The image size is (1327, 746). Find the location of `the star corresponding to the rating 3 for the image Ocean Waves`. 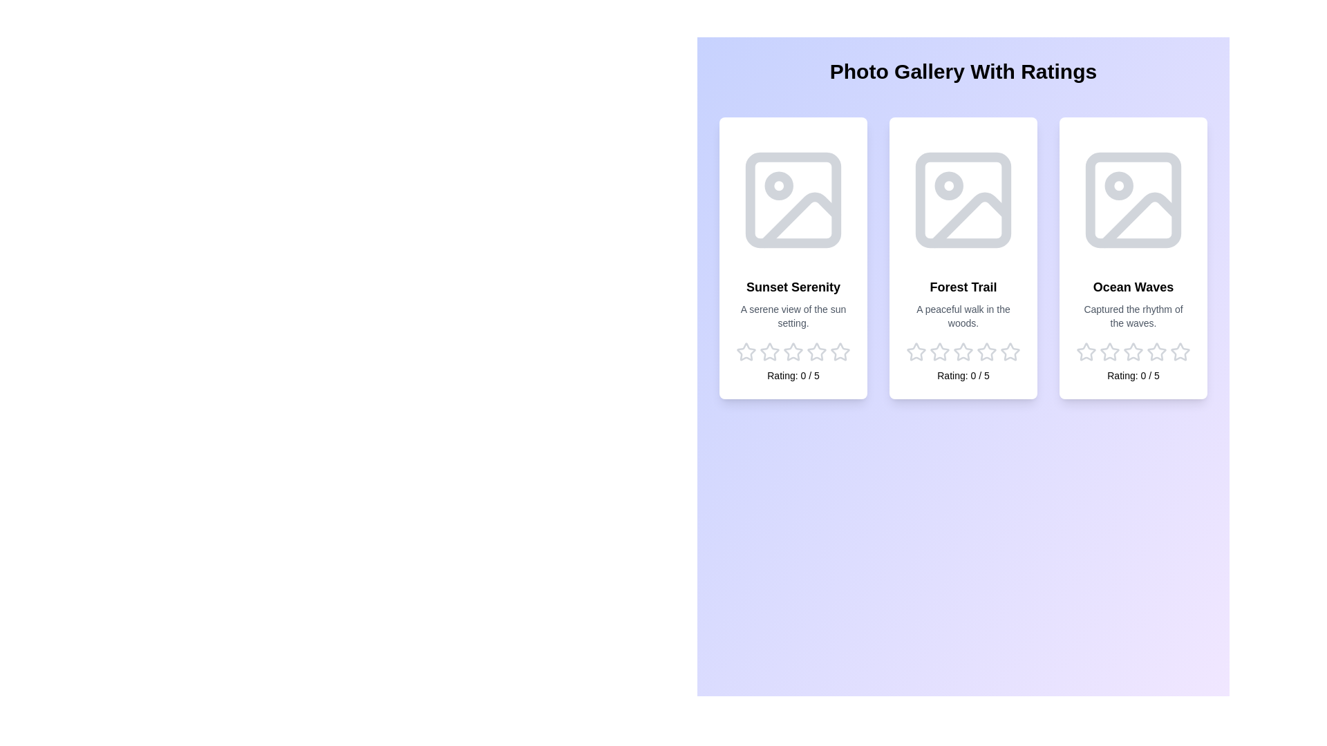

the star corresponding to the rating 3 for the image Ocean Waves is located at coordinates (1133, 351).